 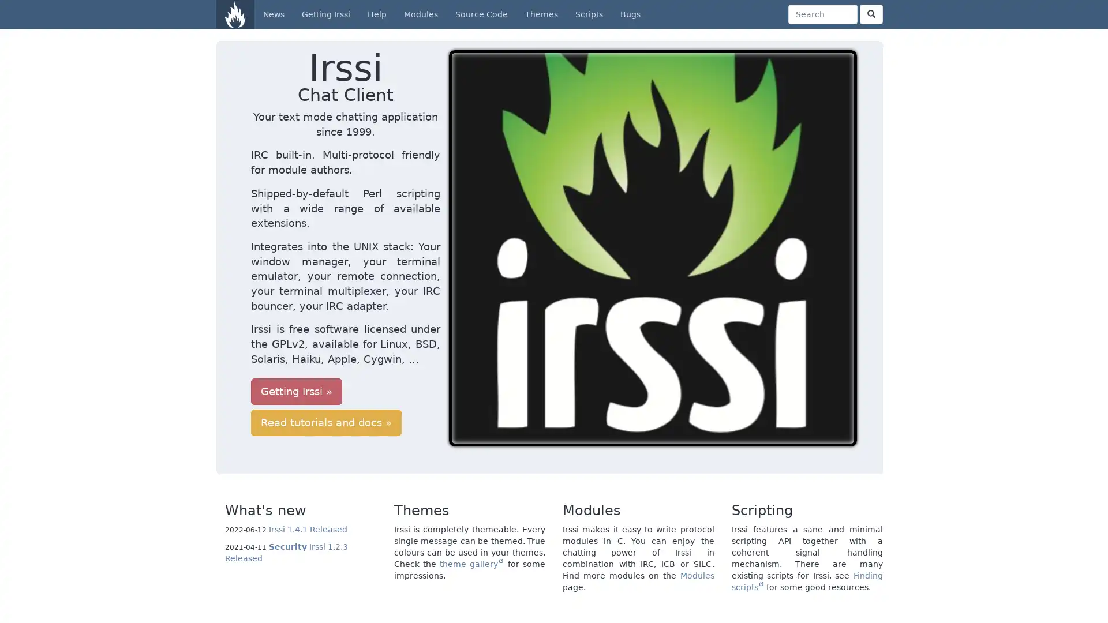 What do you see at coordinates (420, 331) in the screenshot?
I see `Read tutorials and docs` at bounding box center [420, 331].